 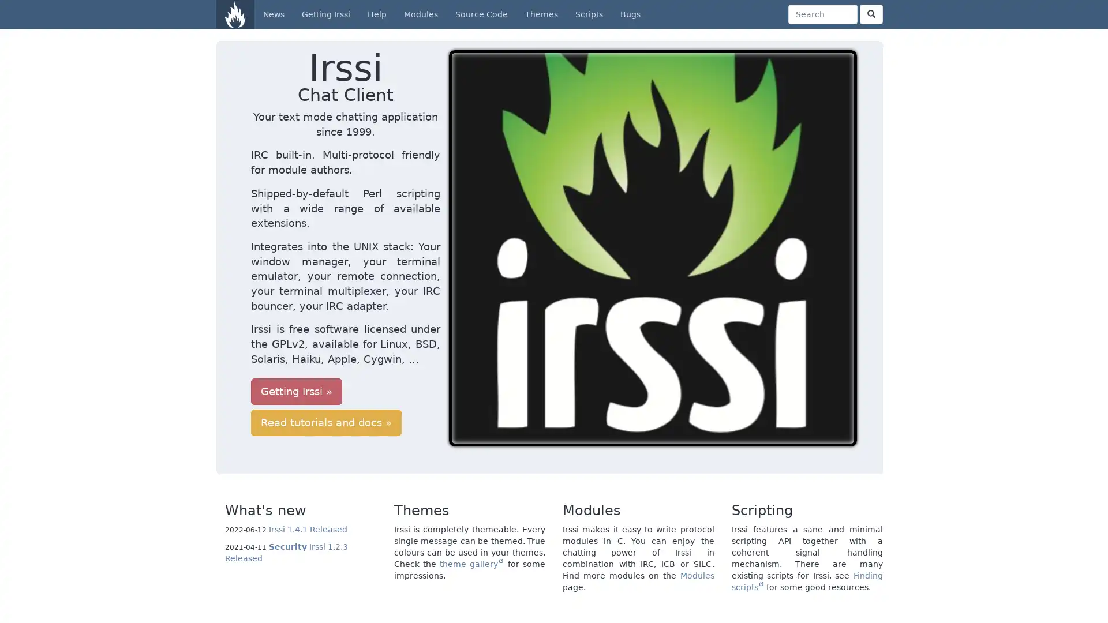 What do you see at coordinates (420, 331) in the screenshot?
I see `Read tutorials and docs` at bounding box center [420, 331].